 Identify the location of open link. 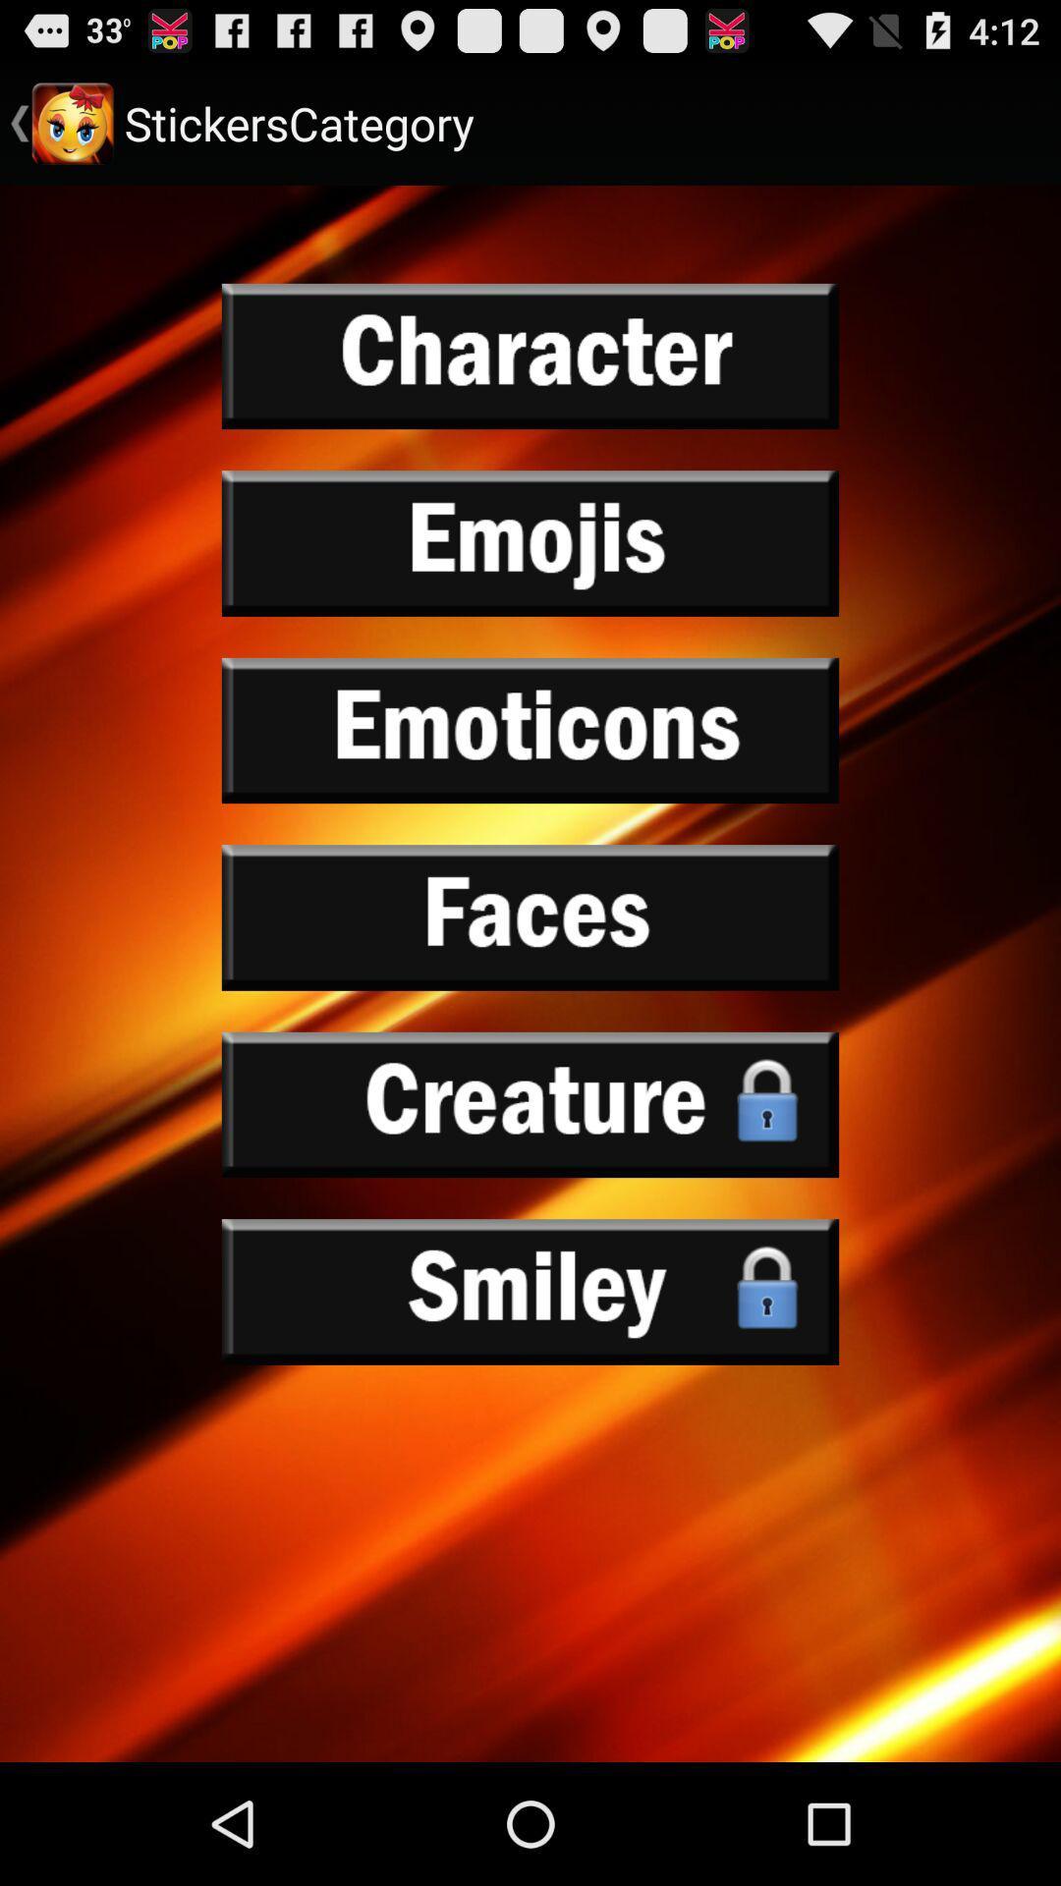
(530, 357).